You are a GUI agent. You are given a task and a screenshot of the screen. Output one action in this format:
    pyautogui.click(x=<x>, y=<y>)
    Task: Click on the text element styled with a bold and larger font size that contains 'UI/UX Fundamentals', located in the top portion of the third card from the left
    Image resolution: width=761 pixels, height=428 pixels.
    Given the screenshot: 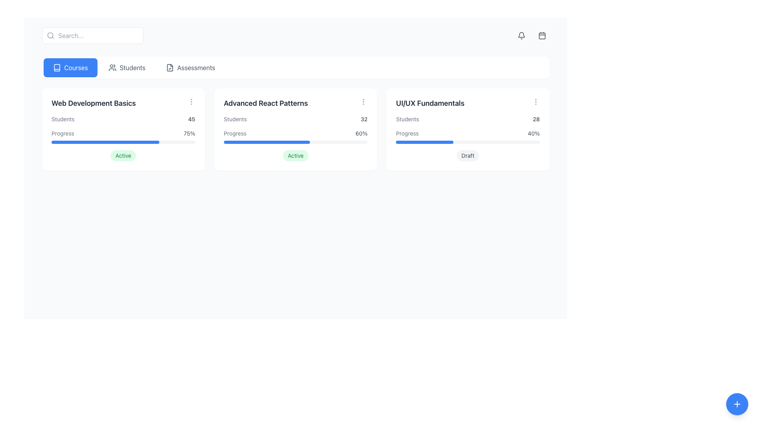 What is the action you would take?
    pyautogui.click(x=430, y=103)
    